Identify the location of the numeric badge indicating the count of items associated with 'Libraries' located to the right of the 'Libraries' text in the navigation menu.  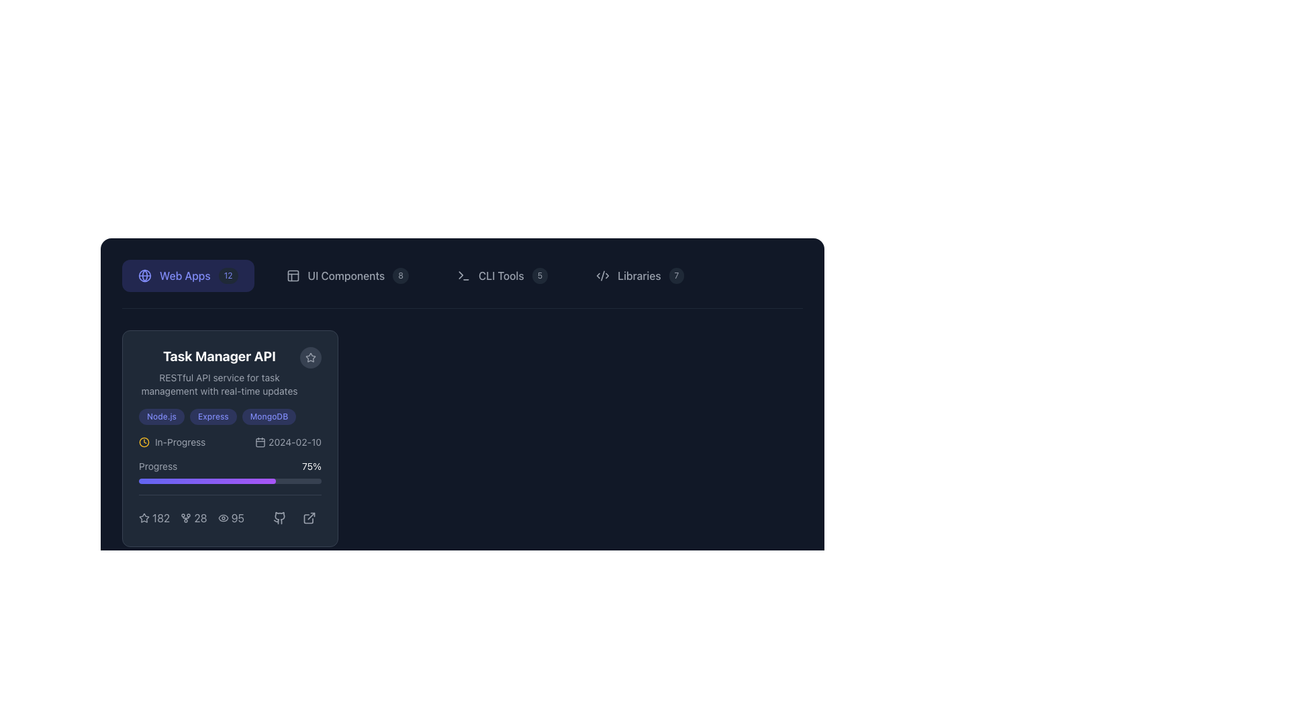
(677, 275).